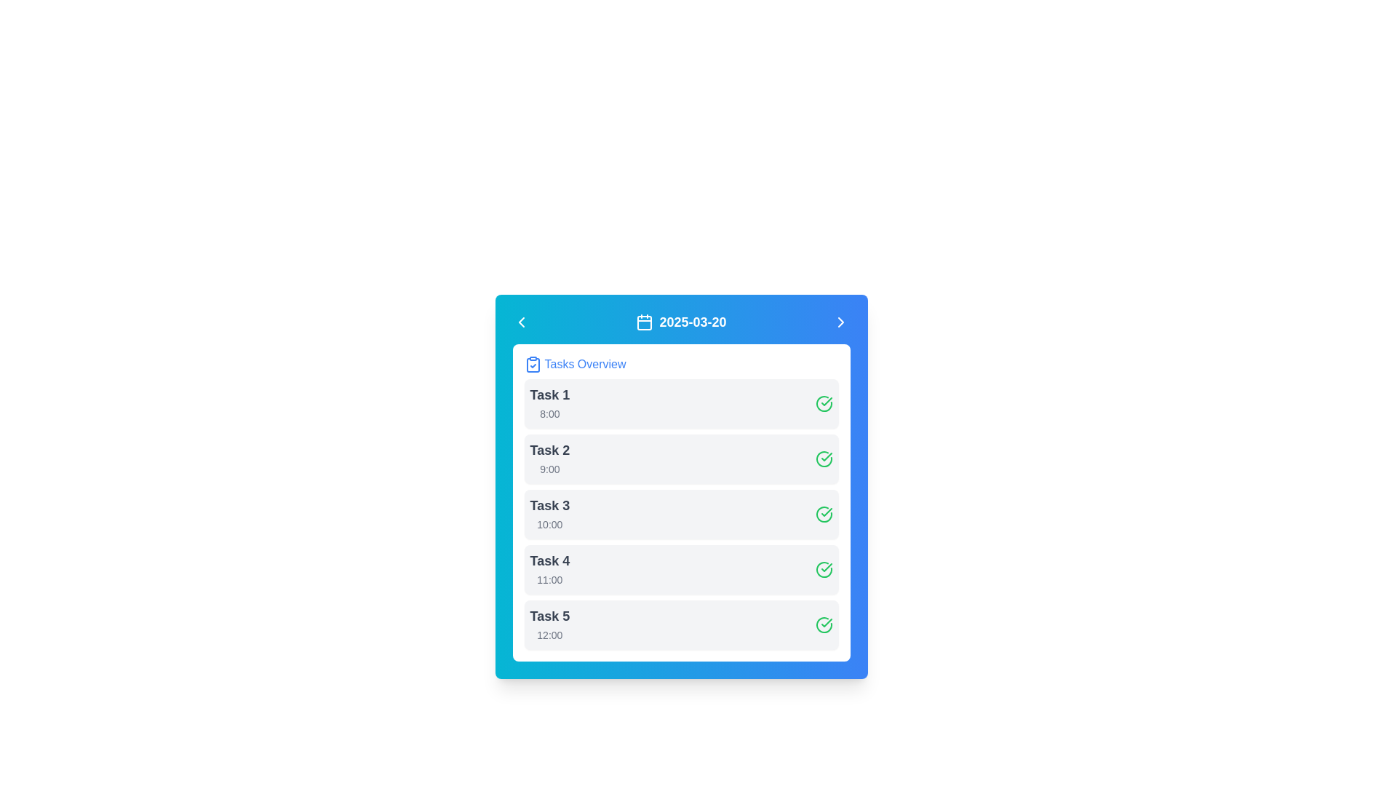  Describe the element at coordinates (824, 404) in the screenshot. I see `the status indicated by the checkmark confirmation symbol located at the far right of the row labeled 'Task 2' in the task list` at that location.